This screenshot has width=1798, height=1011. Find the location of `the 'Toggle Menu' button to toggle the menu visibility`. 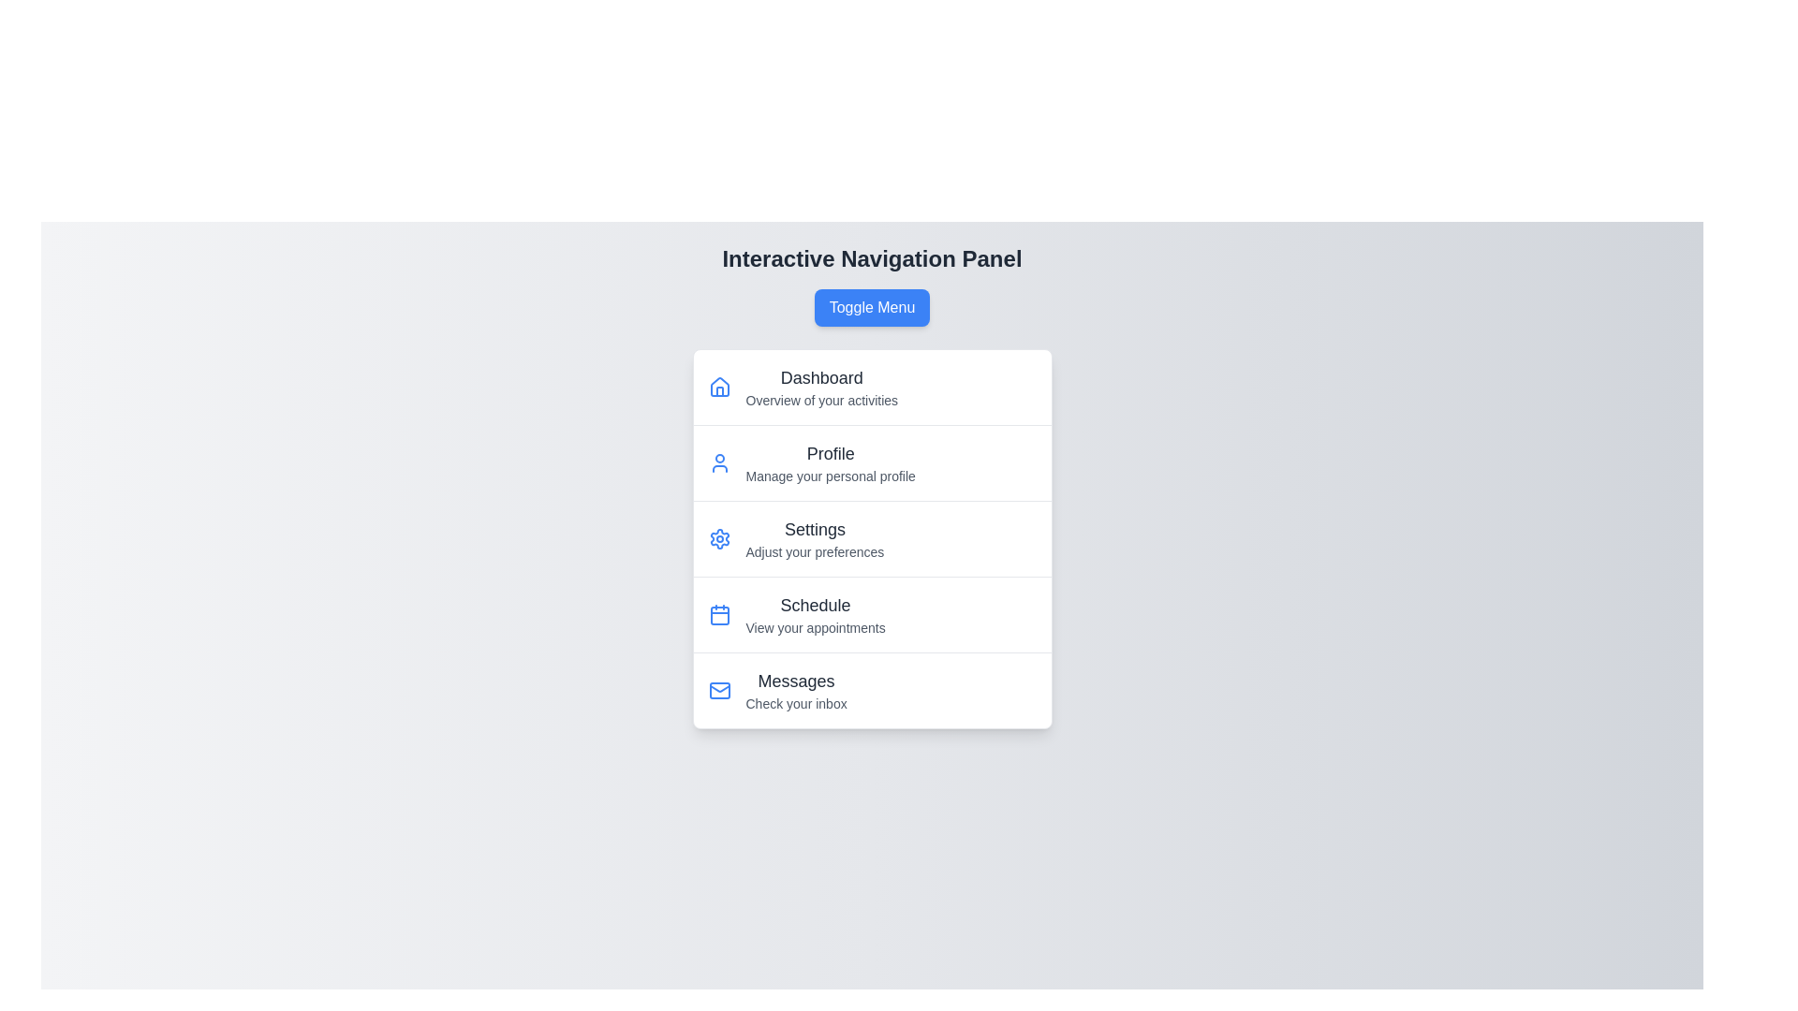

the 'Toggle Menu' button to toggle the menu visibility is located at coordinates (871, 306).